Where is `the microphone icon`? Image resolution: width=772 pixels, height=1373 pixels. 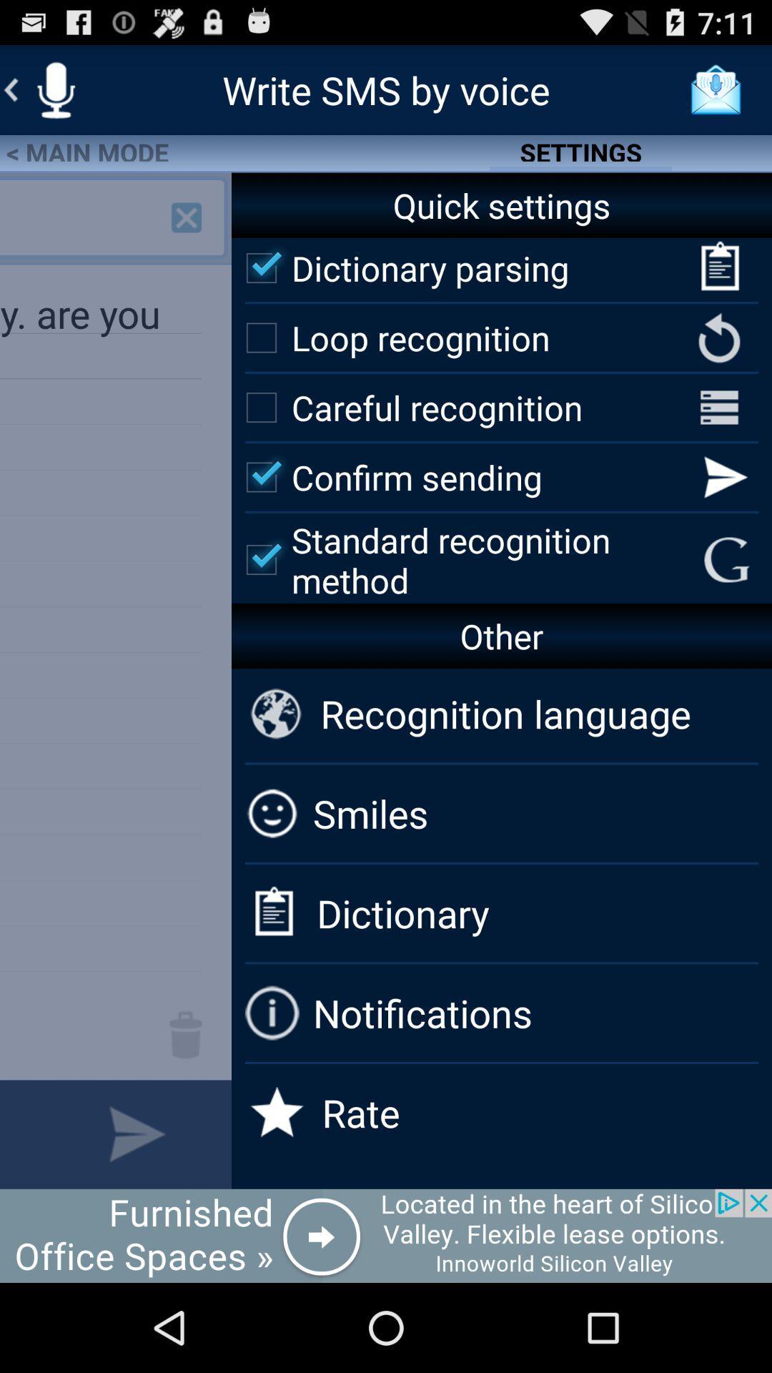
the microphone icon is located at coordinates (55, 95).